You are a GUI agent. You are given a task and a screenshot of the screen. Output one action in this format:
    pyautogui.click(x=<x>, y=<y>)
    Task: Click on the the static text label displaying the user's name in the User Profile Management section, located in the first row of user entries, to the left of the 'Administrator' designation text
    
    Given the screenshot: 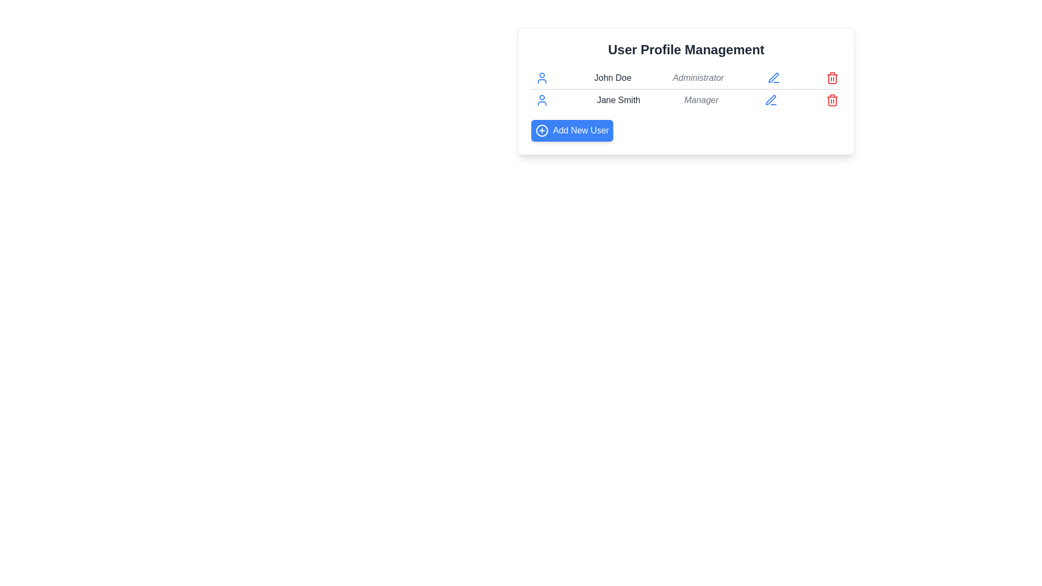 What is the action you would take?
    pyautogui.click(x=613, y=77)
    